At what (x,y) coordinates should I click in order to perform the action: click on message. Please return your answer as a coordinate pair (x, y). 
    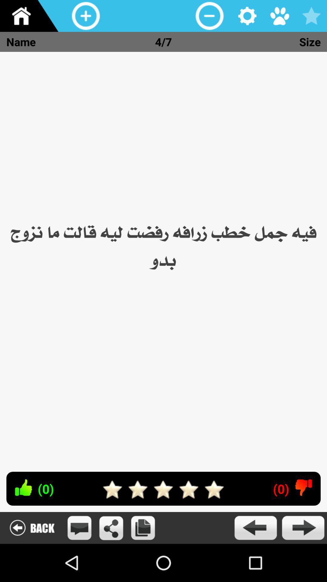
    Looking at the image, I should click on (79, 527).